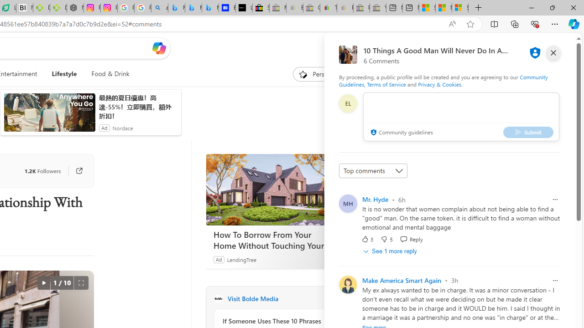  Describe the element at coordinates (375, 199) in the screenshot. I see `'Mr. Hyde'` at that location.